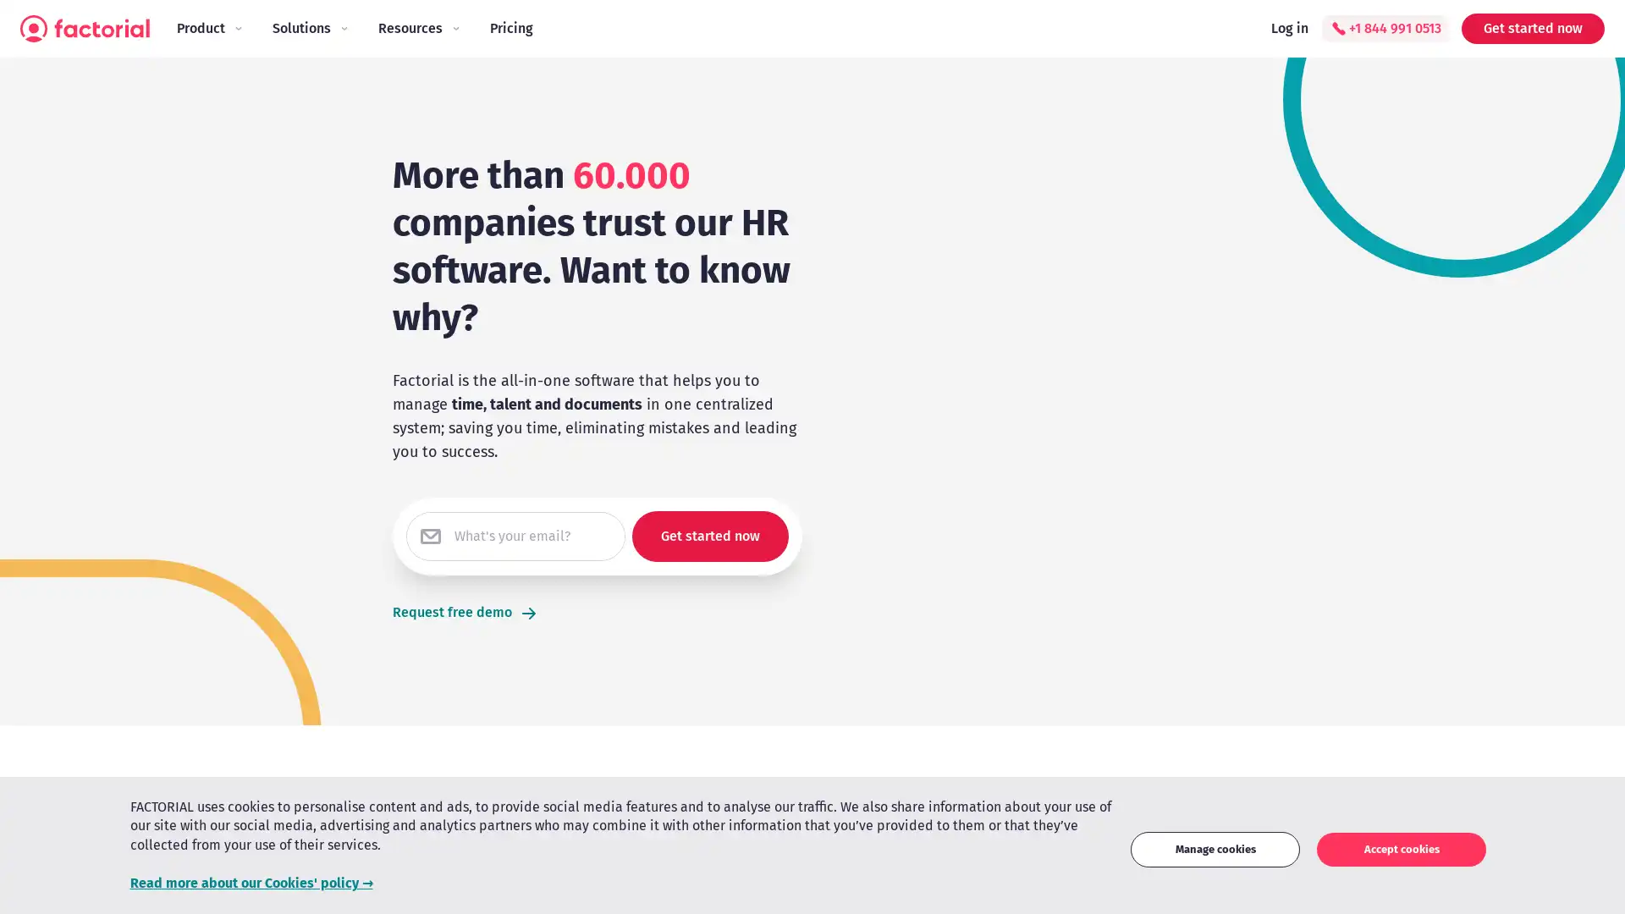 Image resolution: width=1625 pixels, height=914 pixels. What do you see at coordinates (1214, 849) in the screenshot?
I see `Manage cookies` at bounding box center [1214, 849].